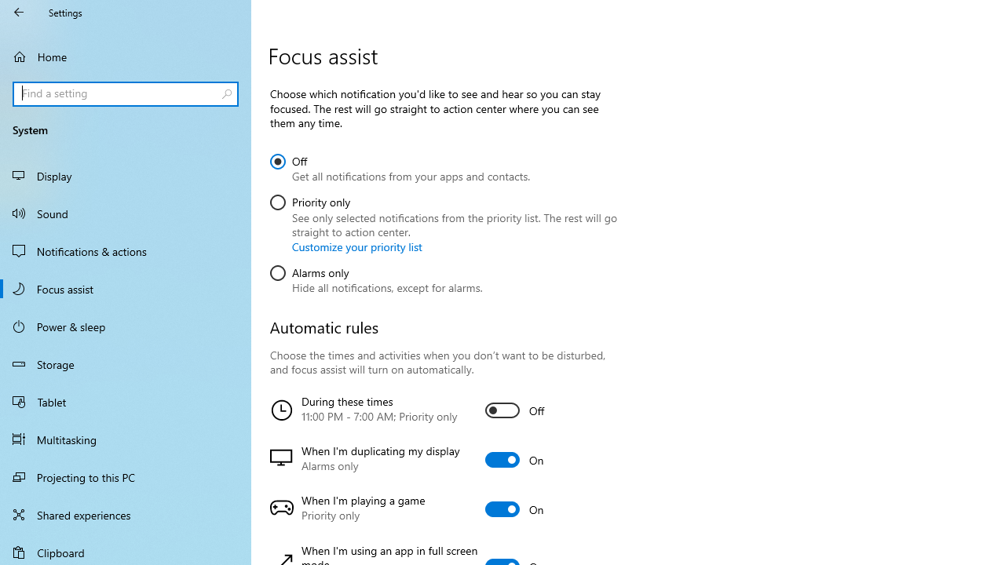 This screenshot has height=565, width=1005. Describe the element at coordinates (126, 364) in the screenshot. I see `'Storage'` at that location.